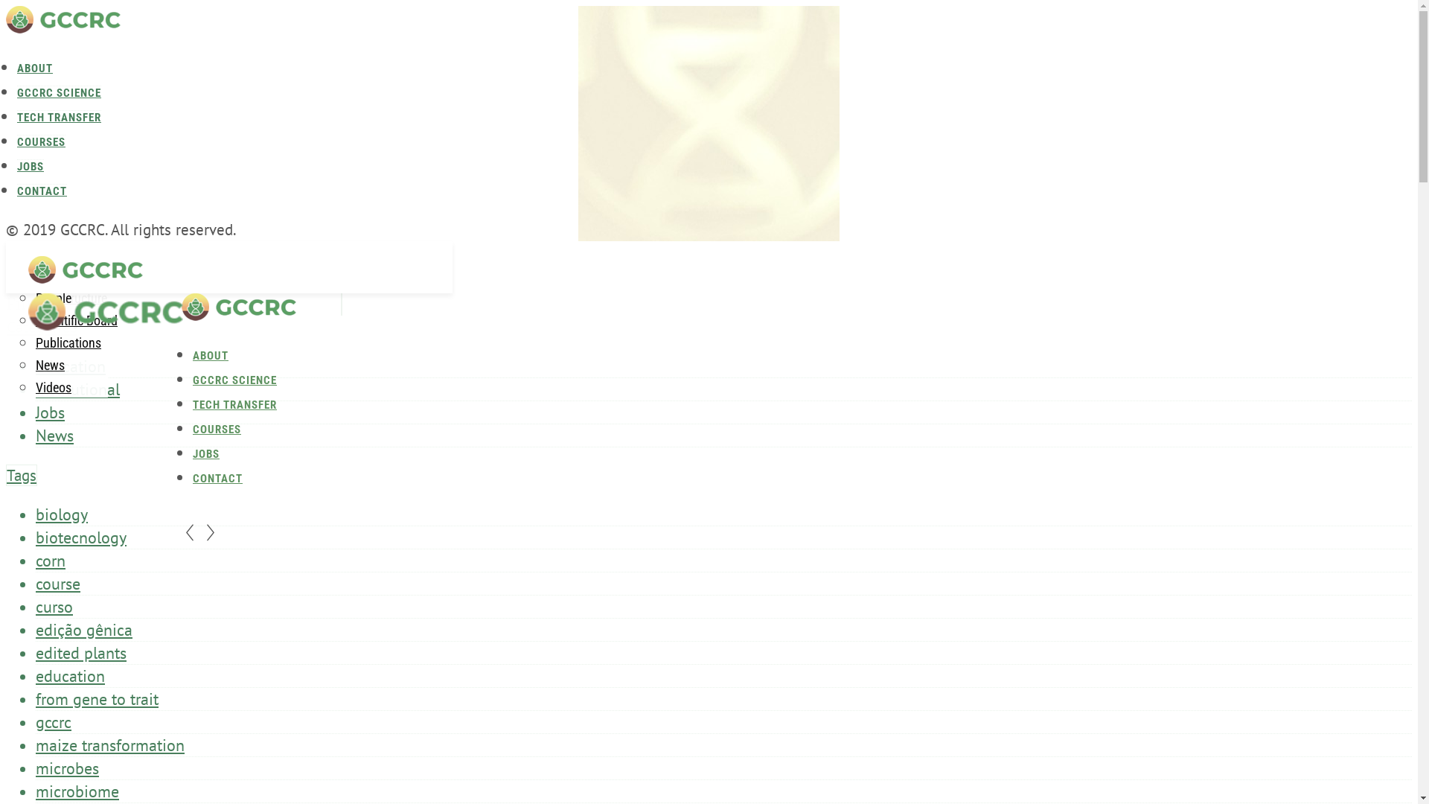 The image size is (1429, 804). Describe the element at coordinates (54, 721) in the screenshot. I see `'gccrc'` at that location.